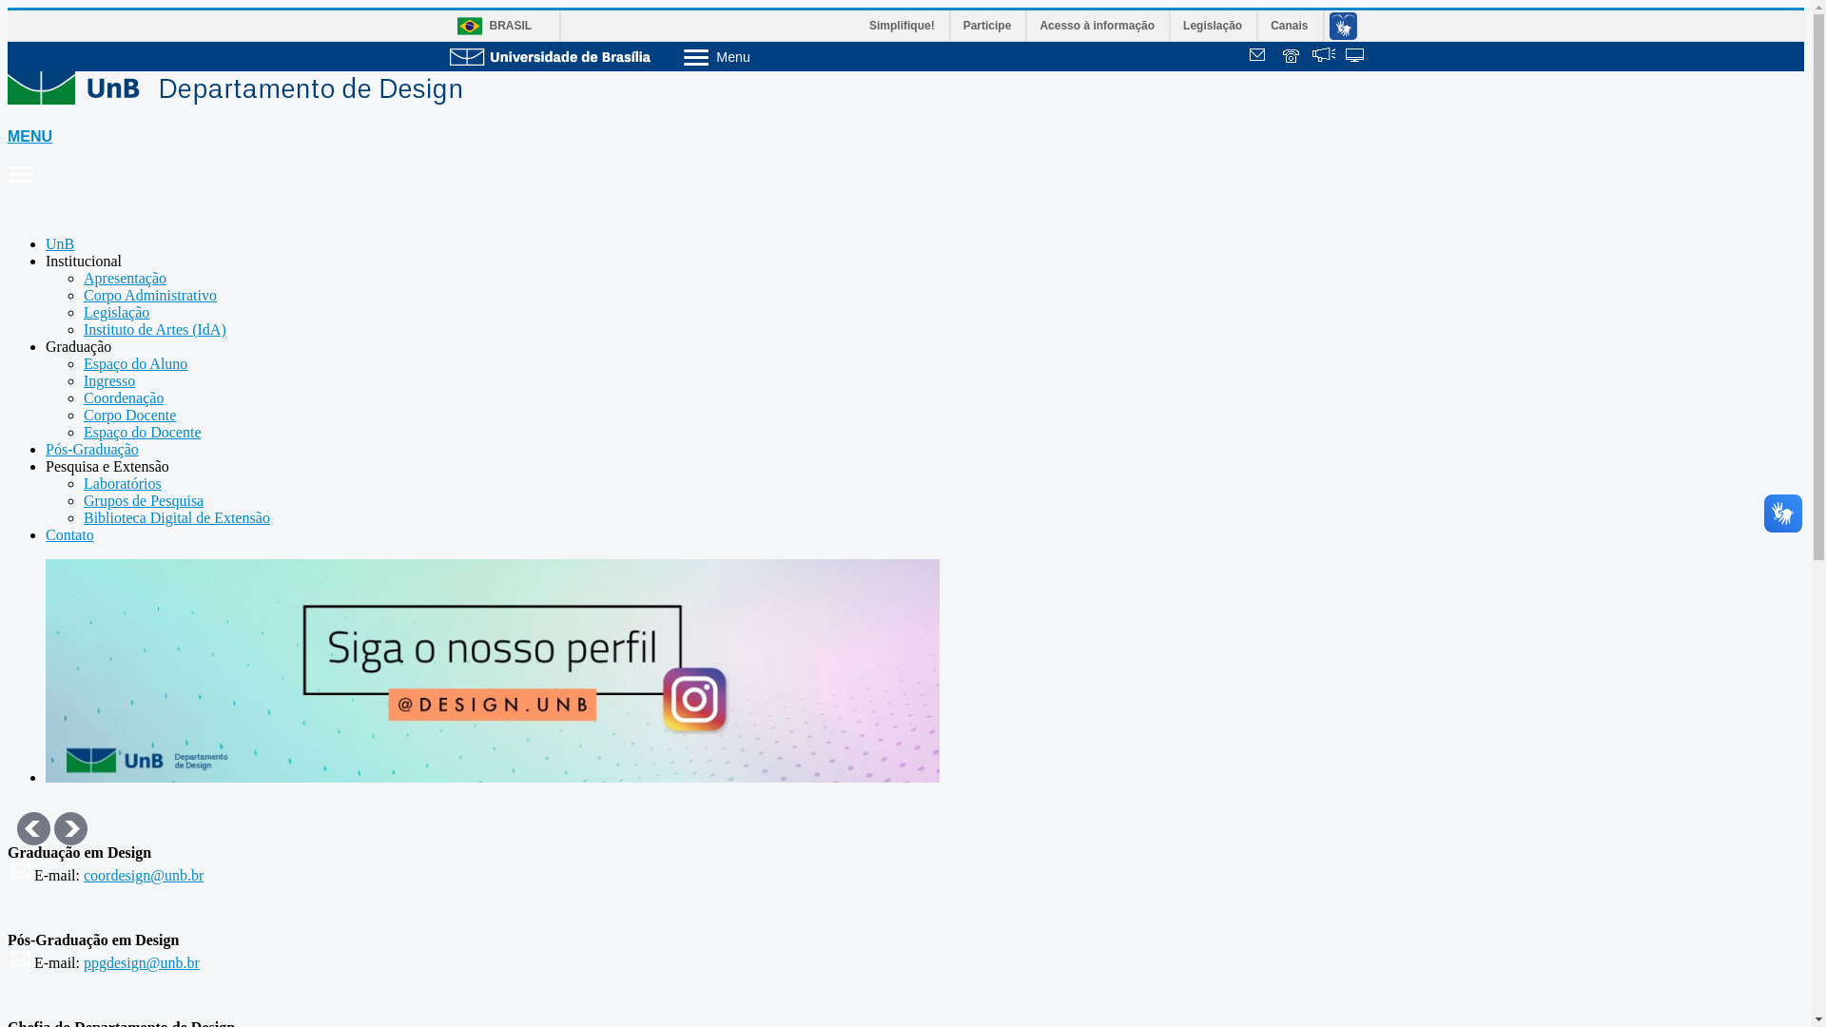 The width and height of the screenshot is (1826, 1027). Describe the element at coordinates (69, 534) in the screenshot. I see `'Contato'` at that location.